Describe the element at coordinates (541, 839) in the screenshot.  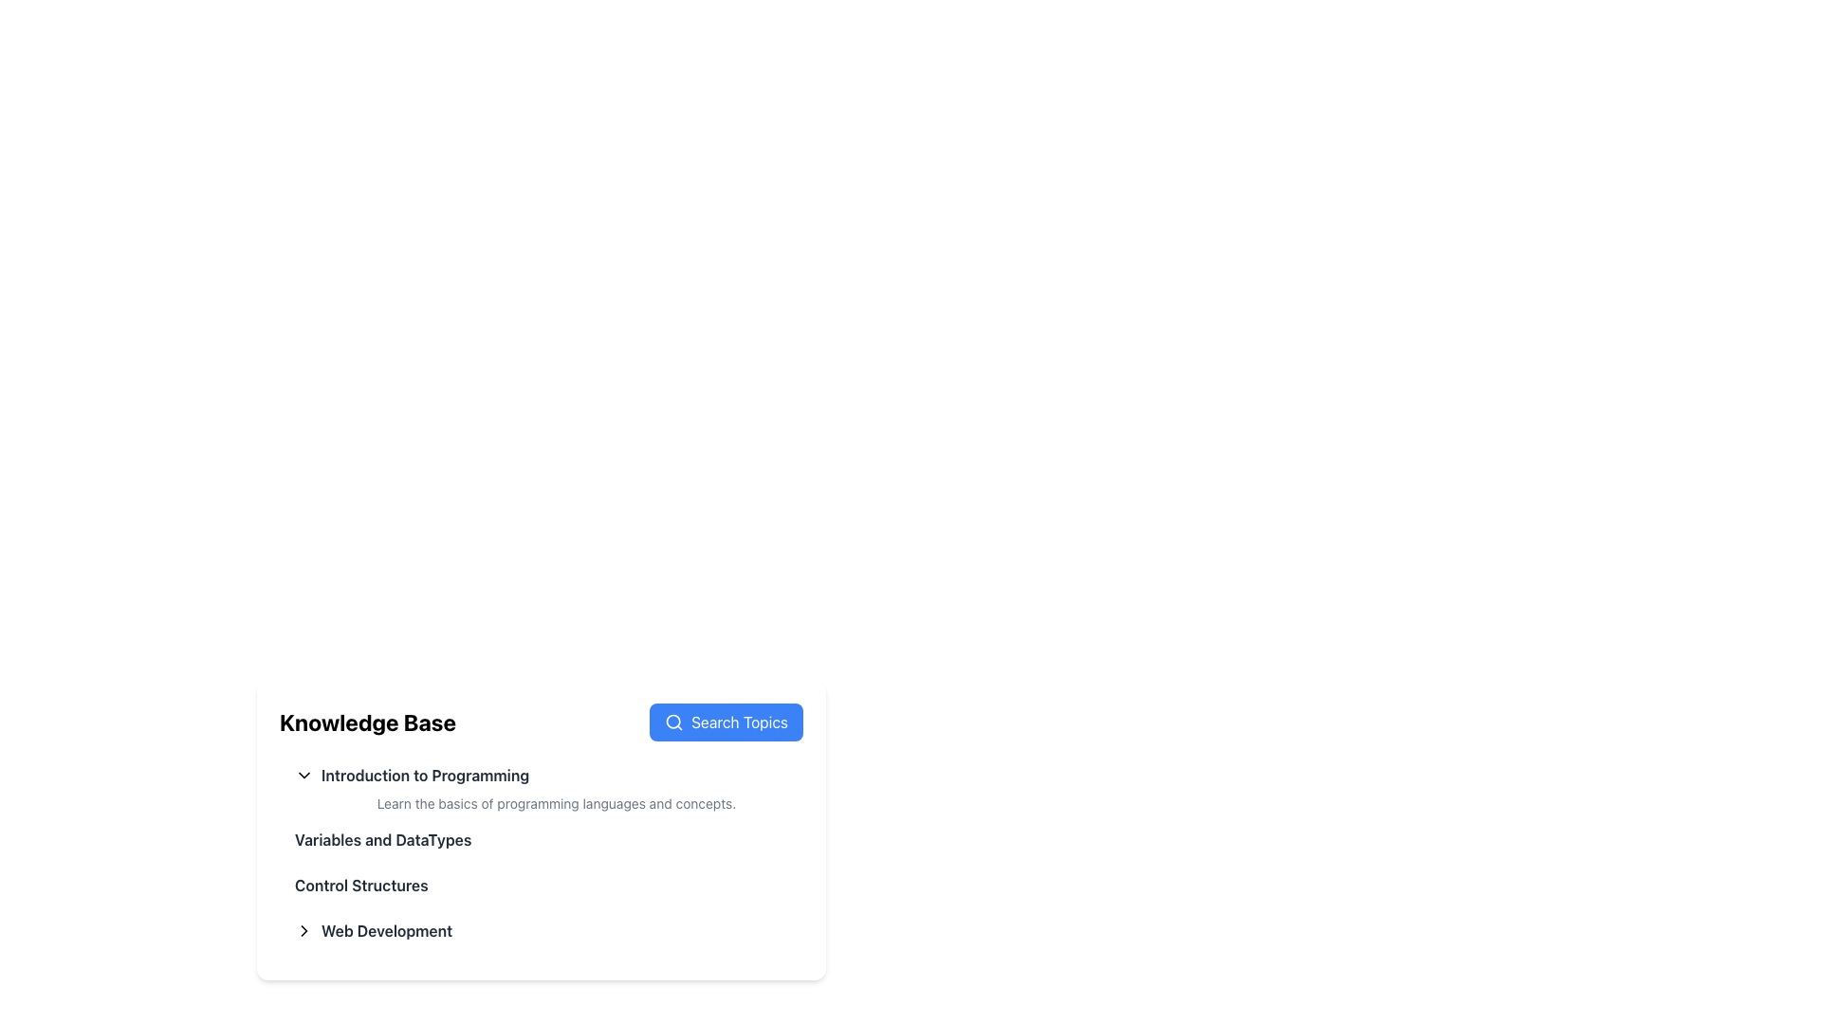
I see `the list item displaying 'Variables and DataTypes' in the 'Knowledge Base' section` at that location.